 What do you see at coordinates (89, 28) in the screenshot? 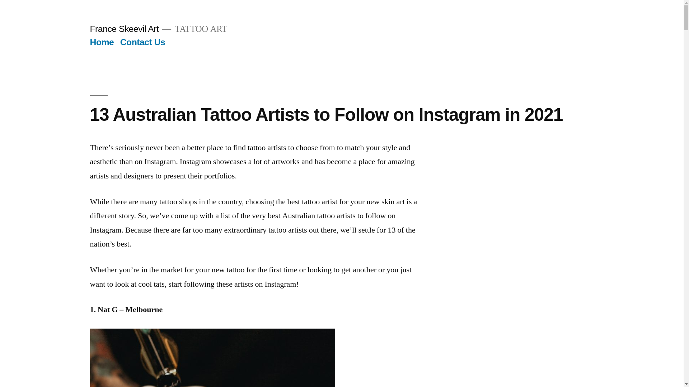
I see `'France Skeevil Art'` at bounding box center [89, 28].